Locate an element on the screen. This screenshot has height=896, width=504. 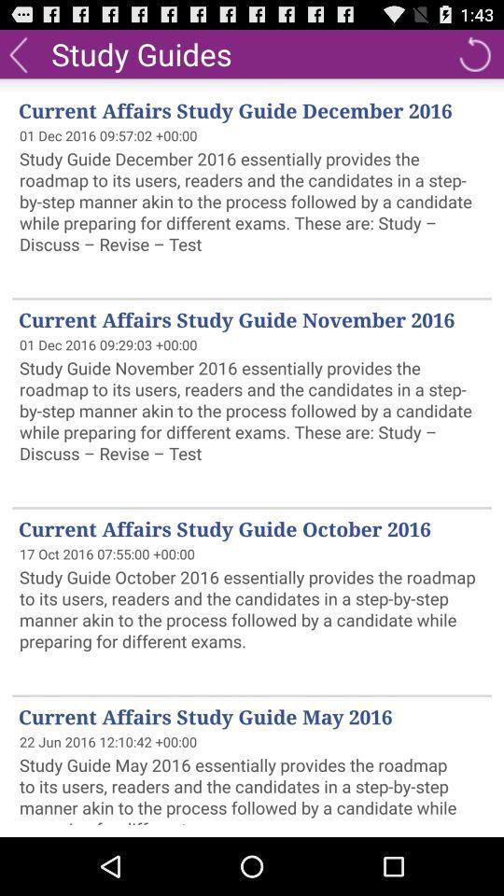
the arrow_backward icon is located at coordinates (17, 57).